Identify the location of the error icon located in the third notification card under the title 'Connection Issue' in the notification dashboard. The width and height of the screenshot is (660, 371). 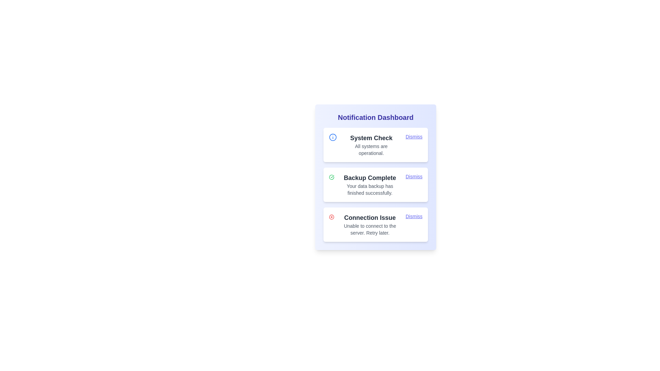
(331, 217).